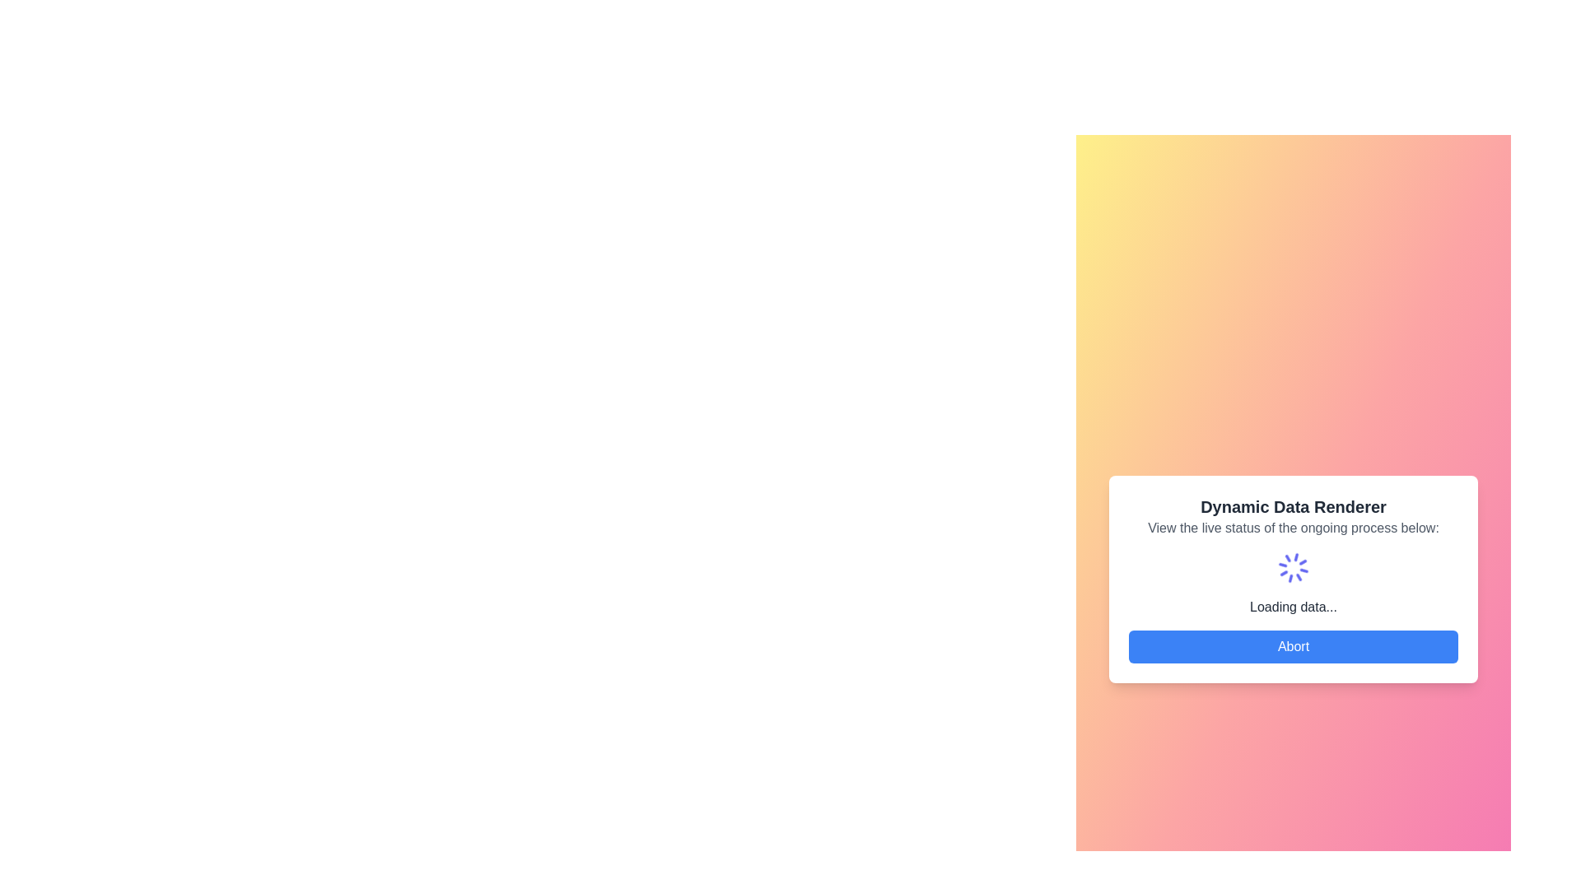  I want to click on the static text label reading 'View the live status of the ongoing process below:', so click(1292, 528).